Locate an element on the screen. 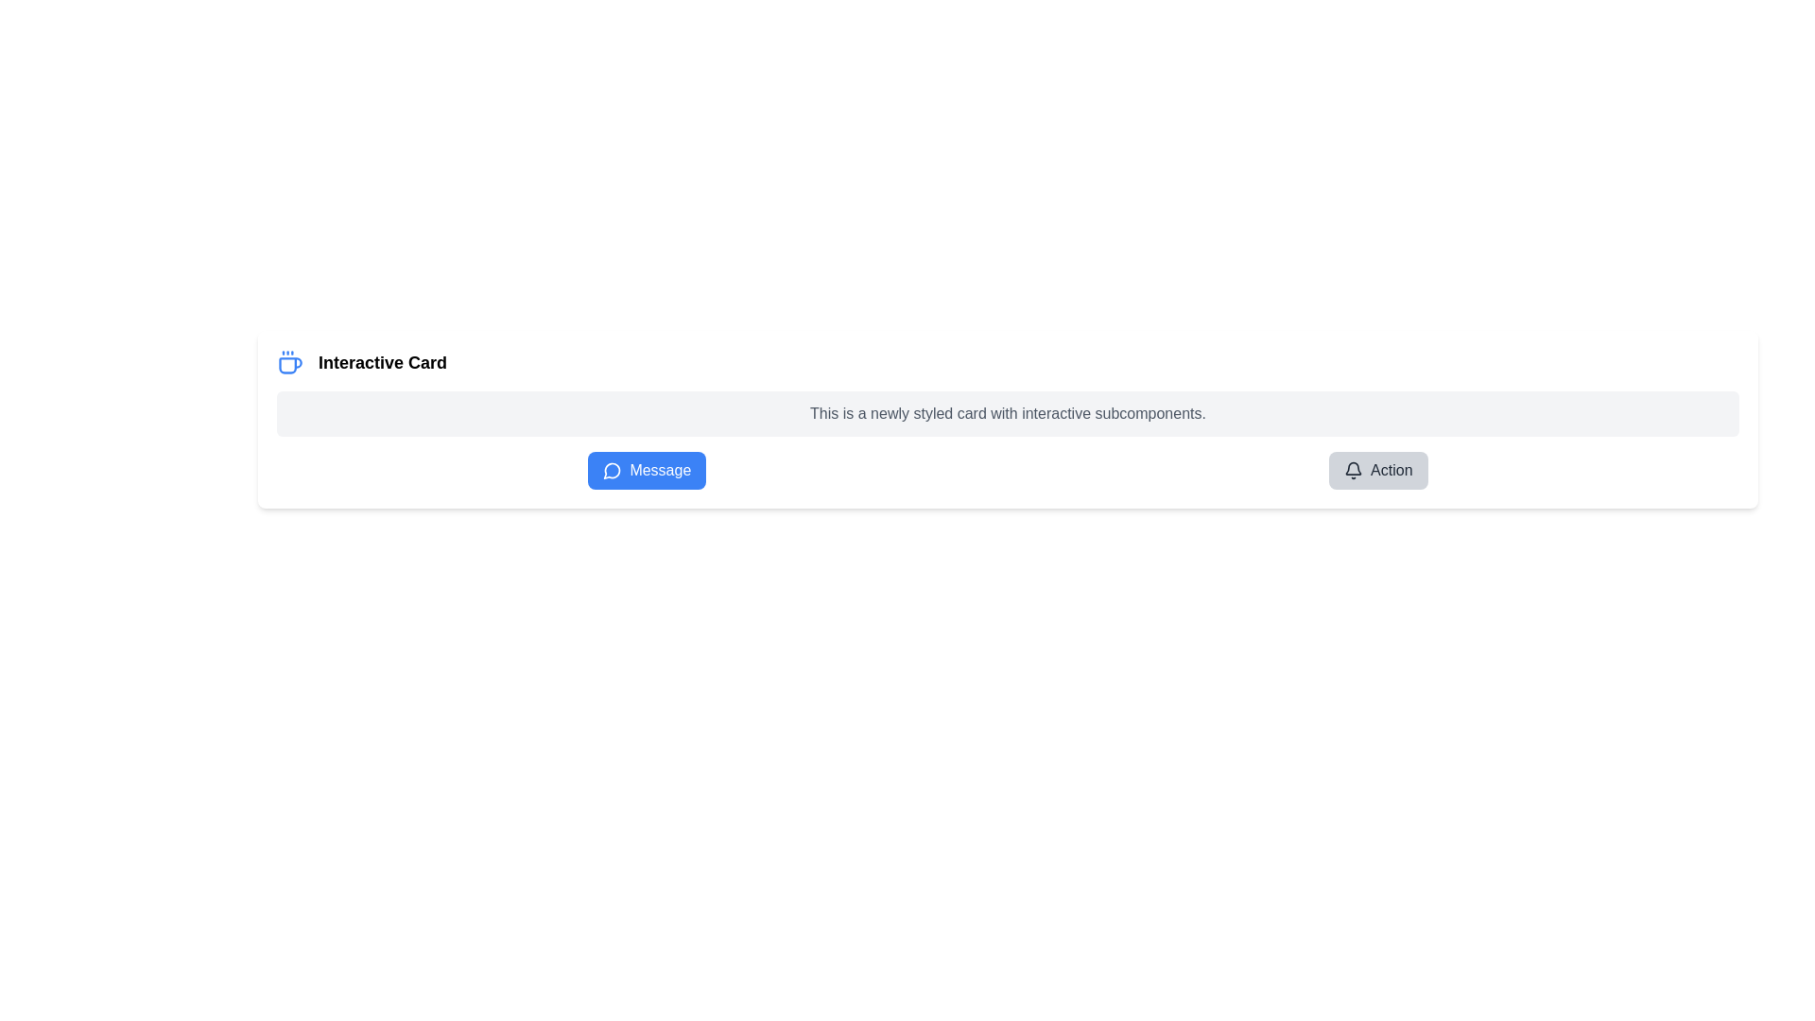  the notification button with a bell icon, located to the right of the 'Message' button is located at coordinates (1378, 469).